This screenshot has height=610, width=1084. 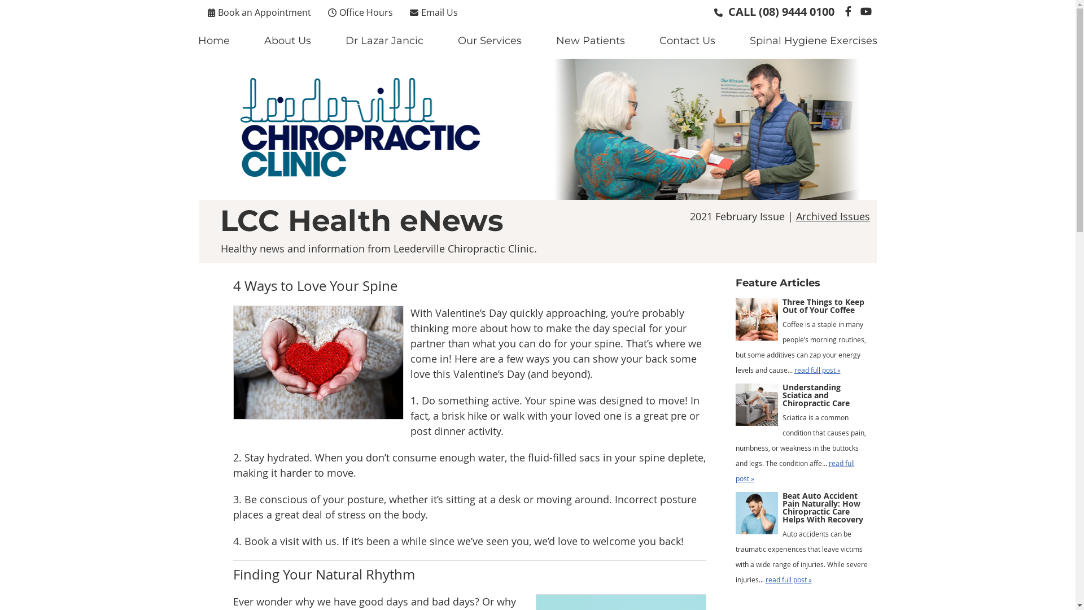 What do you see at coordinates (813, 40) in the screenshot?
I see `'Spinal Hygiene Exercises'` at bounding box center [813, 40].